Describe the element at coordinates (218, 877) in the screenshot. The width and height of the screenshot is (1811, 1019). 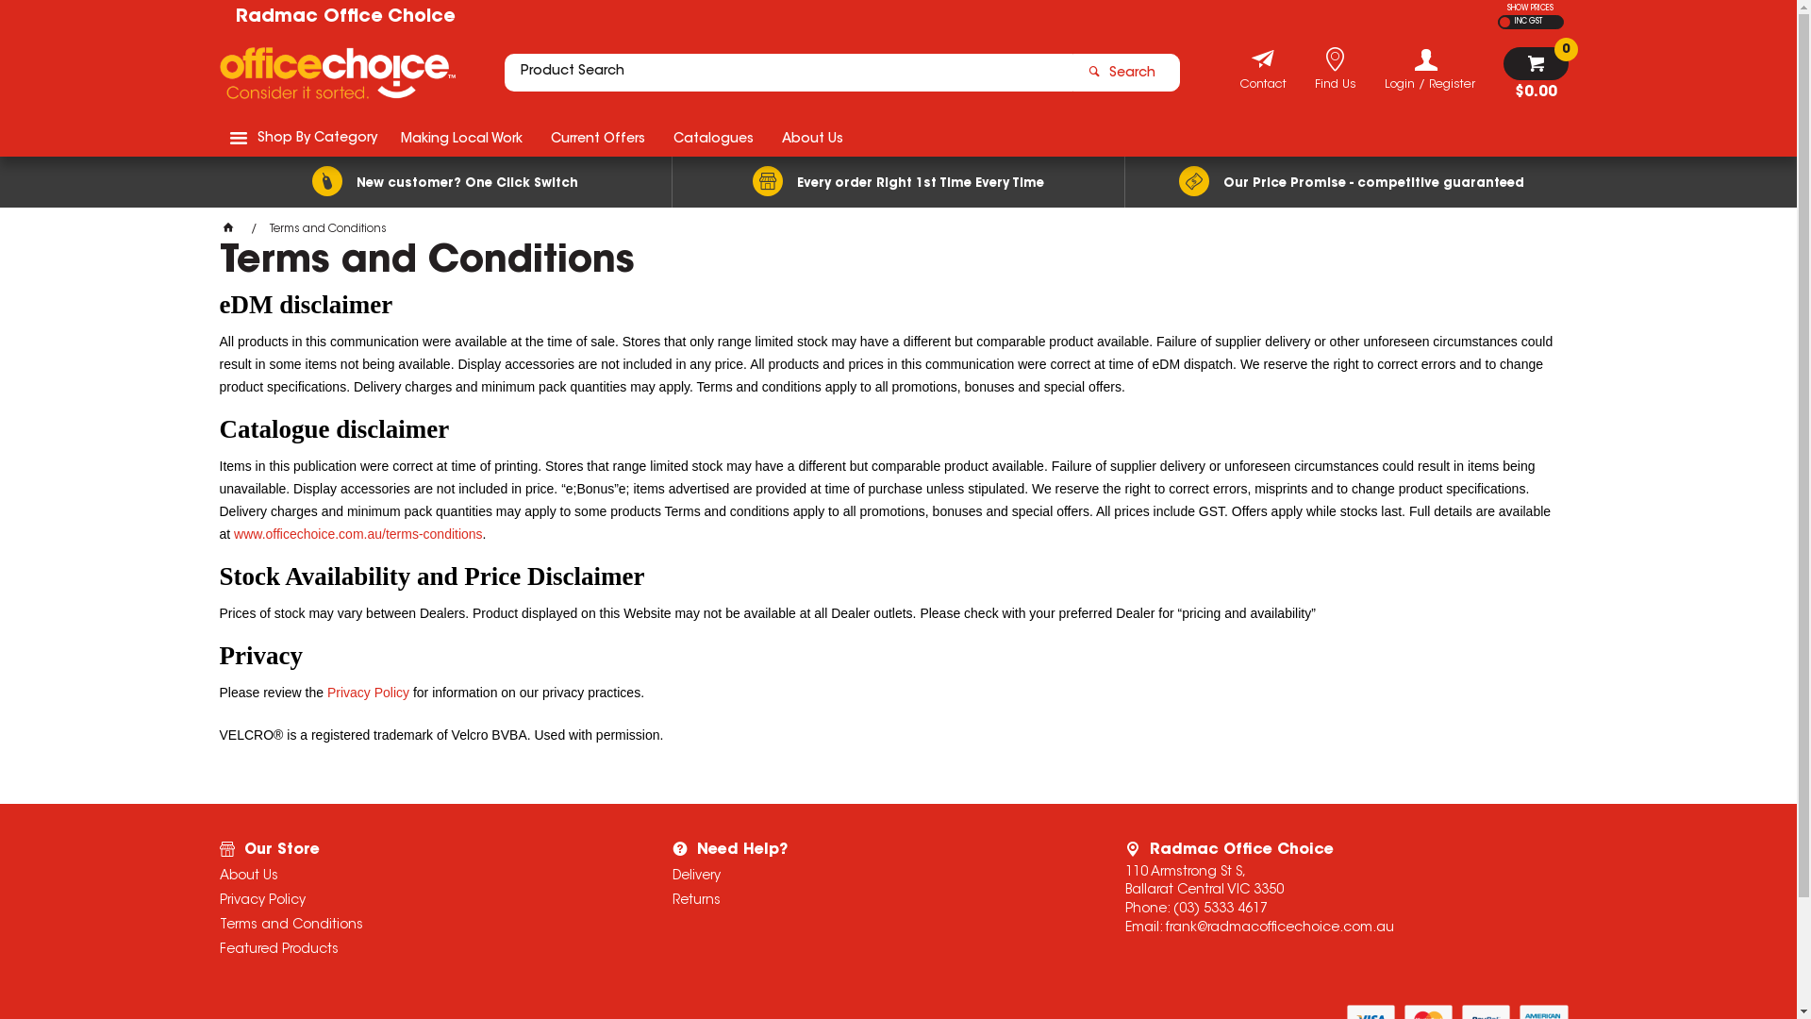
I see `'About Us'` at that location.